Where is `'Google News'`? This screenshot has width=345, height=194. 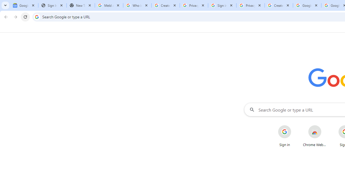 'Google News' is located at coordinates (24, 5).